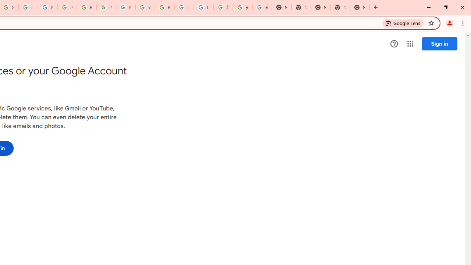 The image size is (471, 265). What do you see at coordinates (403, 22) in the screenshot?
I see `'Search with Google Lens'` at bounding box center [403, 22].